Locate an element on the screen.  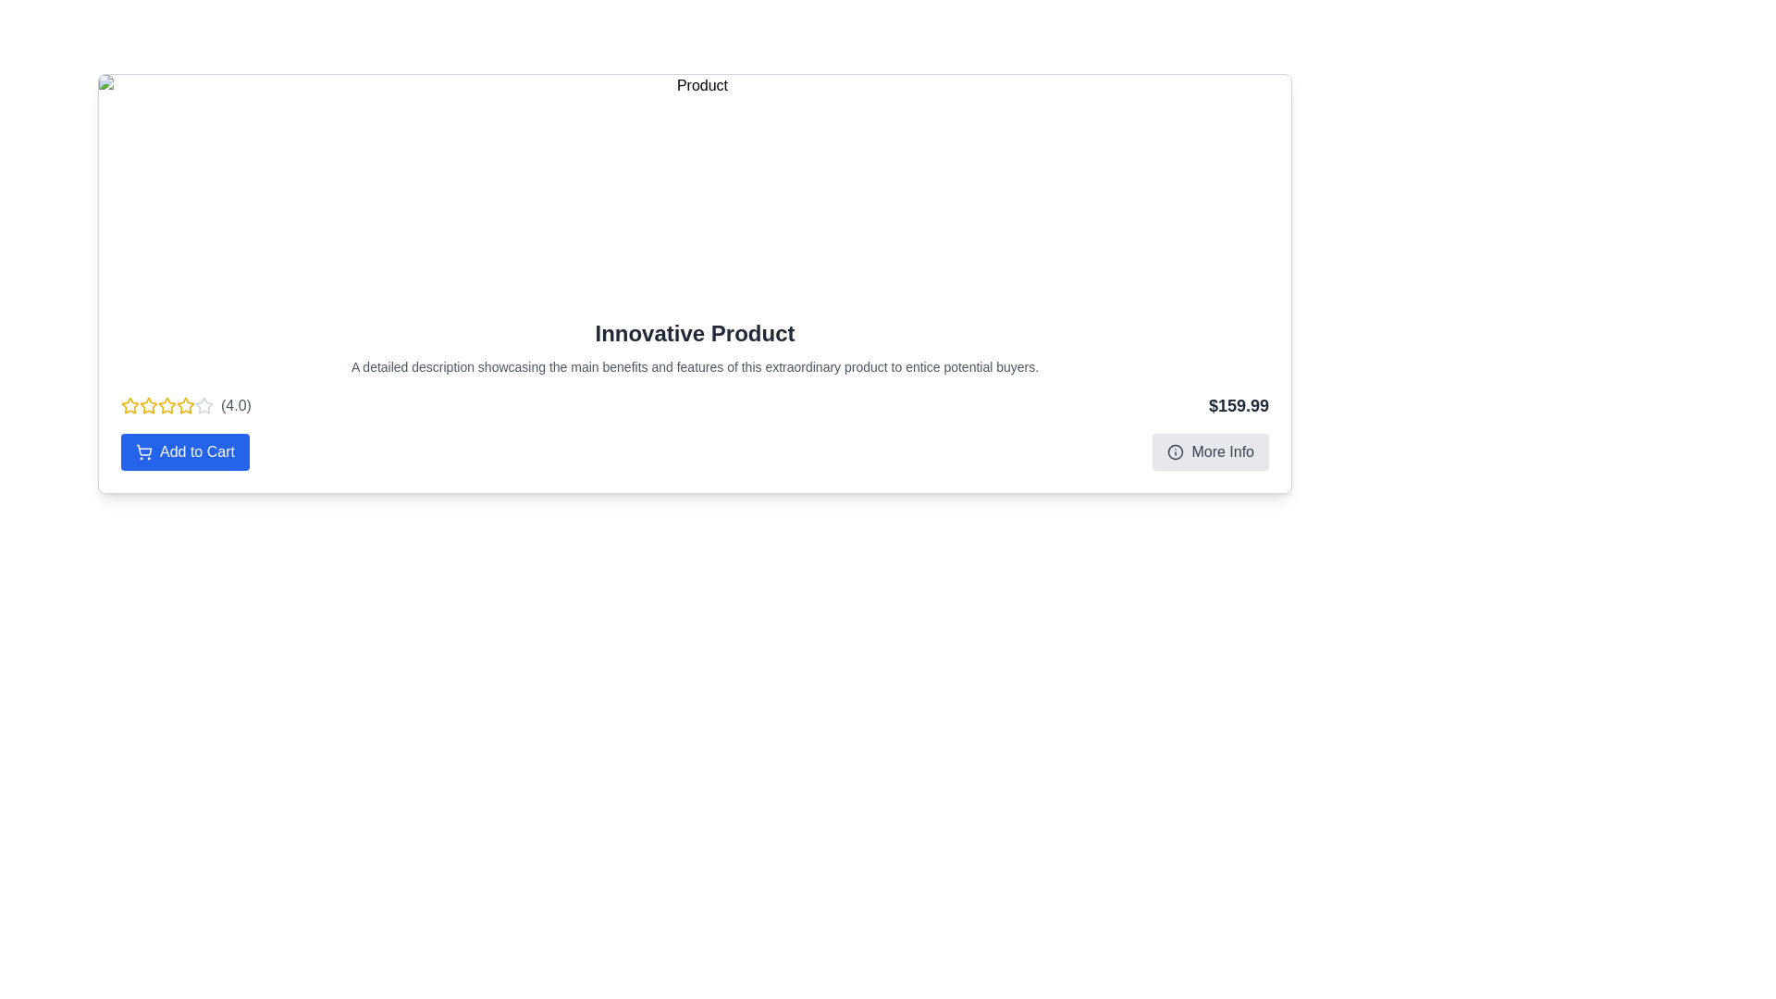
the circular 'info' icon within the 'More Info' button located at the right end of the card layout is located at coordinates (1175, 452).